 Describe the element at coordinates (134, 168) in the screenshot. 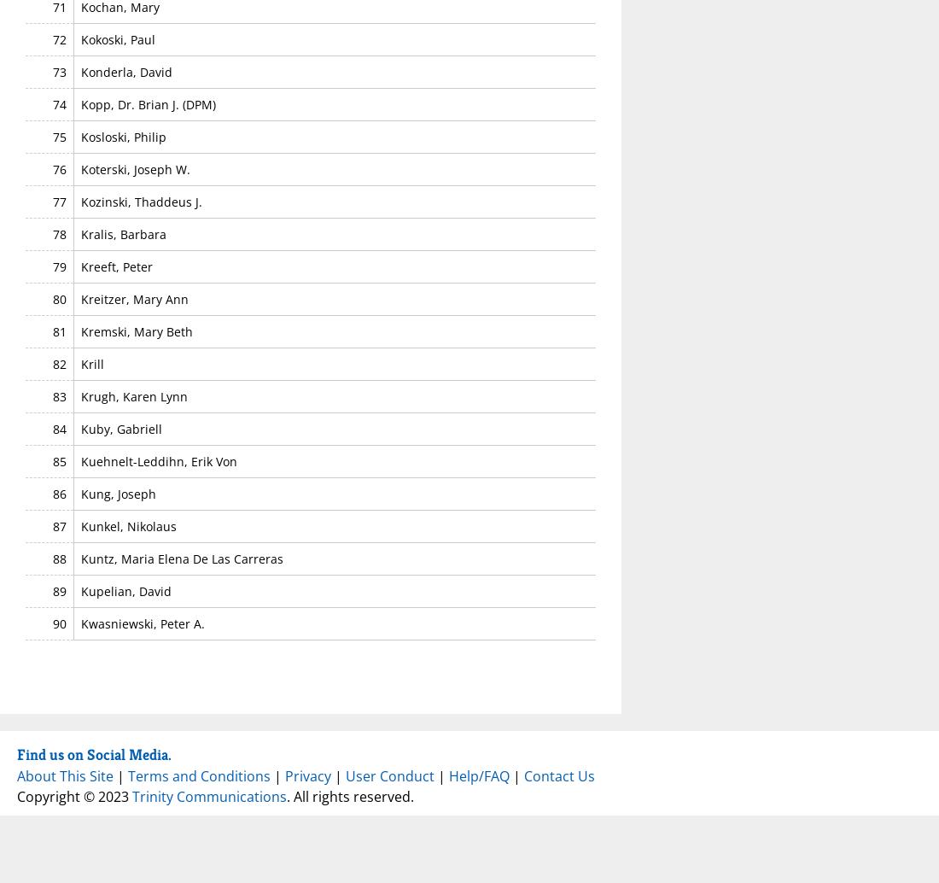

I see `'Koterski, Joseph W.'` at that location.